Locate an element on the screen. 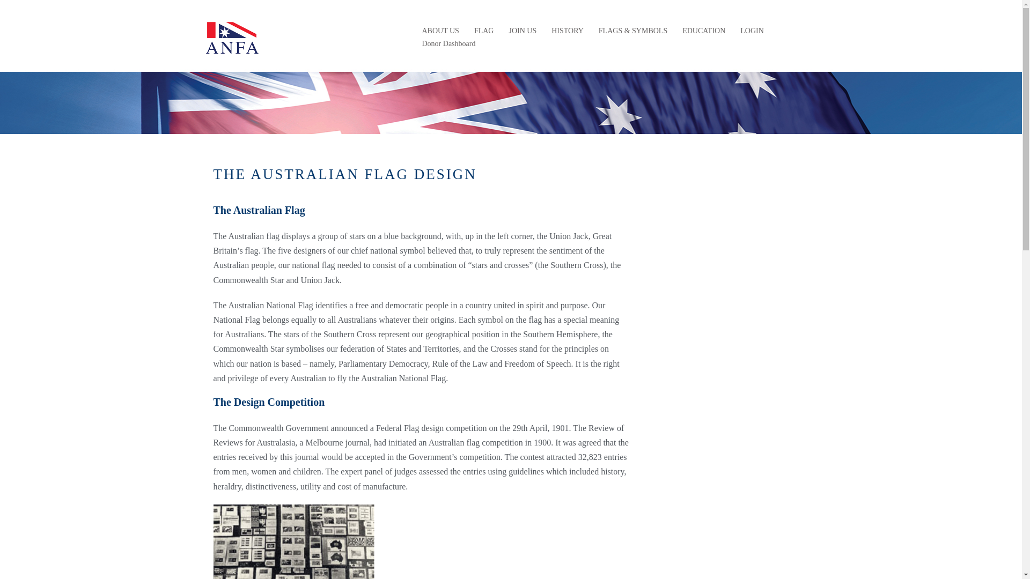 This screenshot has width=1030, height=579. 'EDUCATION' is located at coordinates (682, 30).